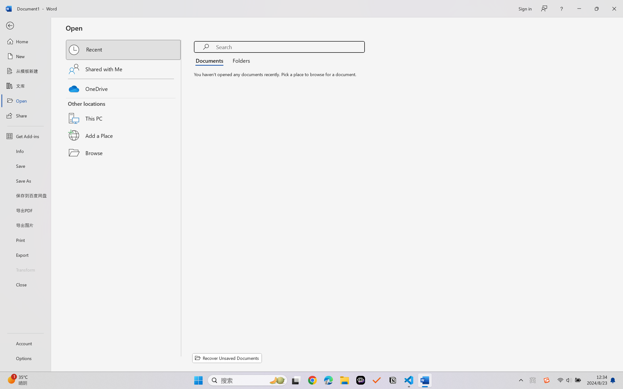  What do you see at coordinates (124, 49) in the screenshot?
I see `'Recent'` at bounding box center [124, 49].